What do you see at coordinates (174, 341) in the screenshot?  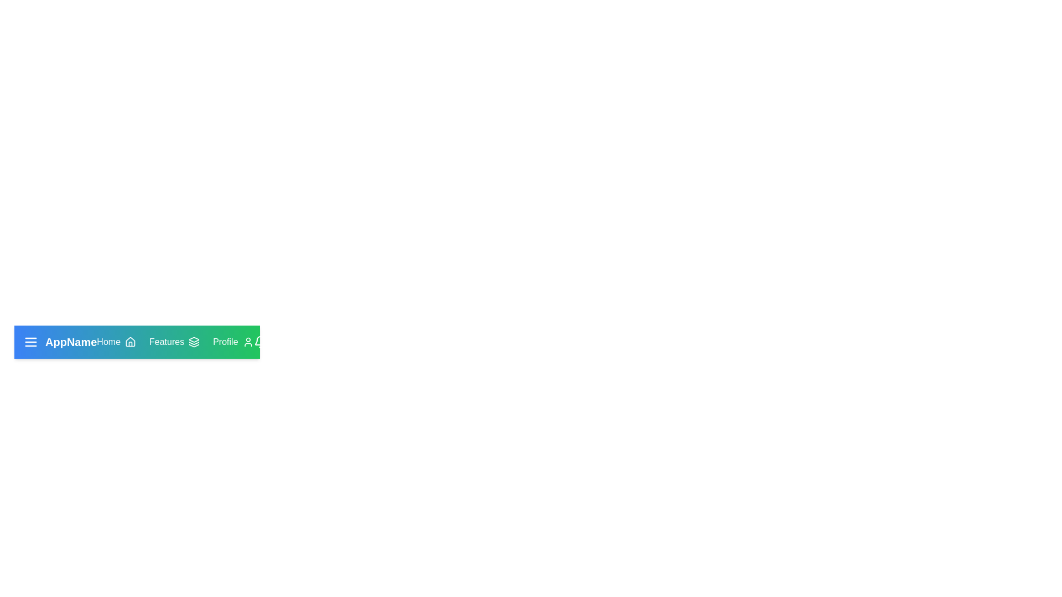 I see `the interactive element FeaturesButton to view its hover effect` at bounding box center [174, 341].